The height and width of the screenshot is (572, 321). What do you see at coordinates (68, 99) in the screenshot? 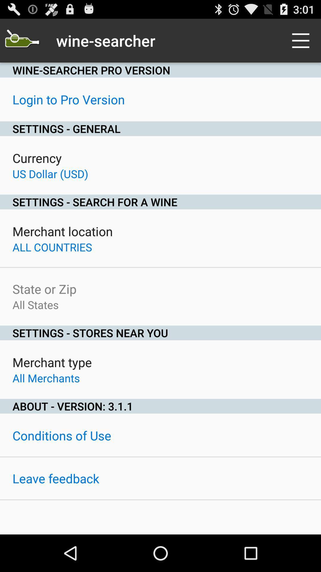
I see `the login to pro icon` at bounding box center [68, 99].